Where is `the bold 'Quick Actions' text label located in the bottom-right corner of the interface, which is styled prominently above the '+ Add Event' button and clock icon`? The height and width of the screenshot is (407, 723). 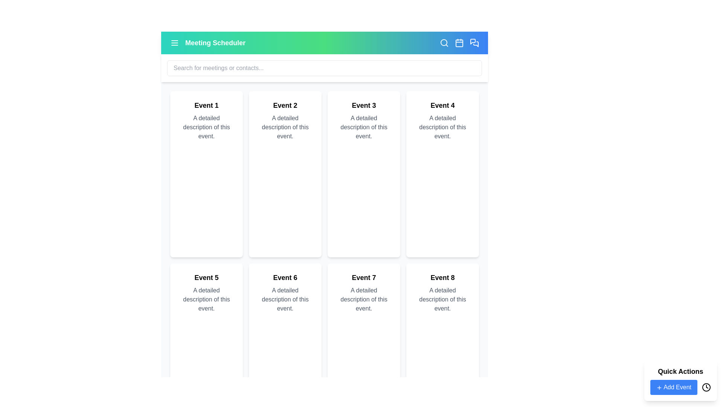
the bold 'Quick Actions' text label located in the bottom-right corner of the interface, which is styled prominently above the '+ Add Event' button and clock icon is located at coordinates (680, 371).